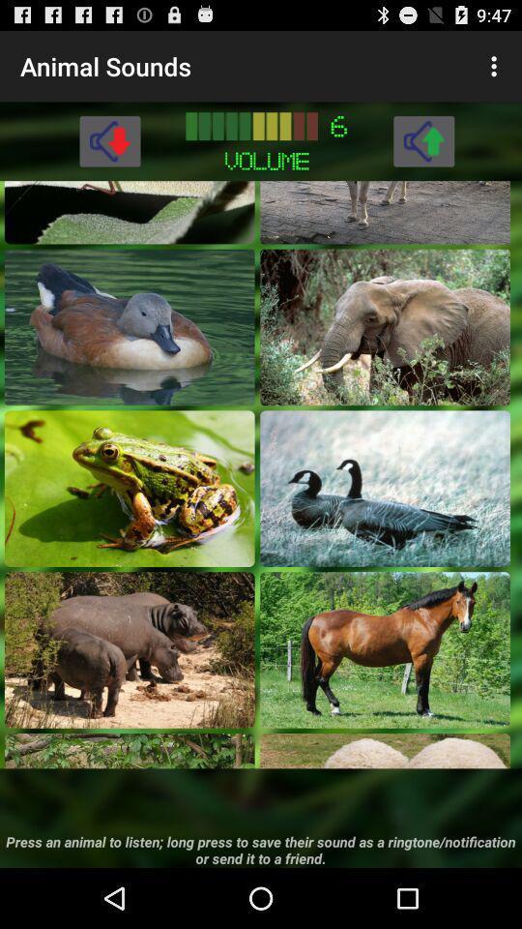 The height and width of the screenshot is (929, 522). I want to click on press to listen long press to save or send sound, so click(130, 750).